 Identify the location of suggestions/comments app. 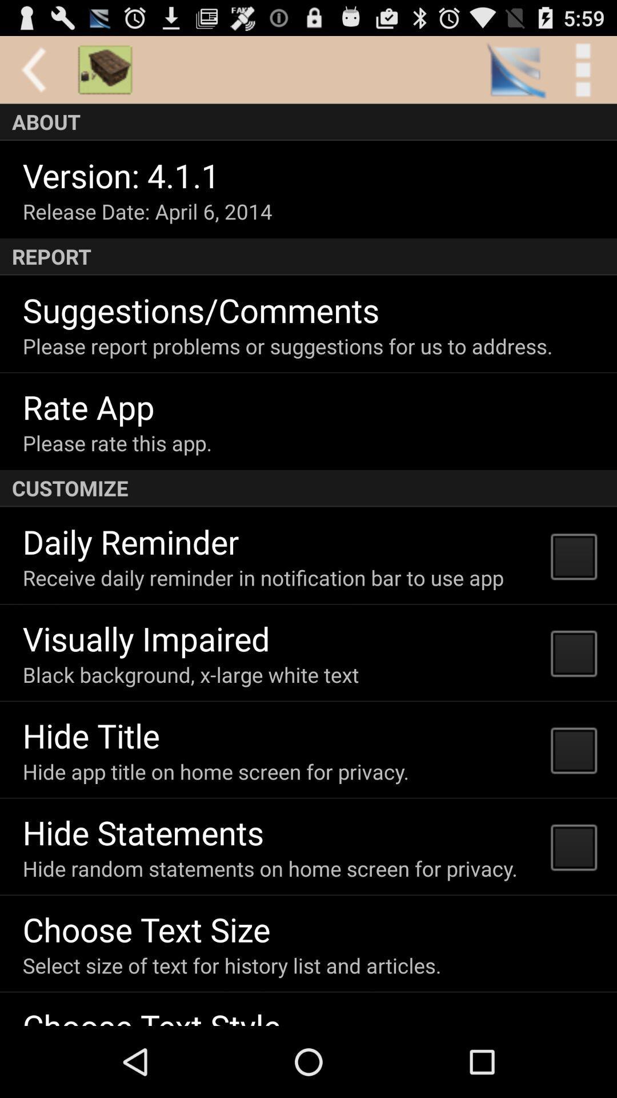
(201, 309).